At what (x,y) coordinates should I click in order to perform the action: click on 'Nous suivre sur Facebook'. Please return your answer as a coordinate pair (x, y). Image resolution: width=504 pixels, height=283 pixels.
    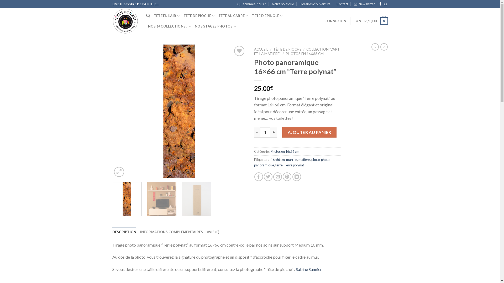
    Looking at the image, I should click on (380, 4).